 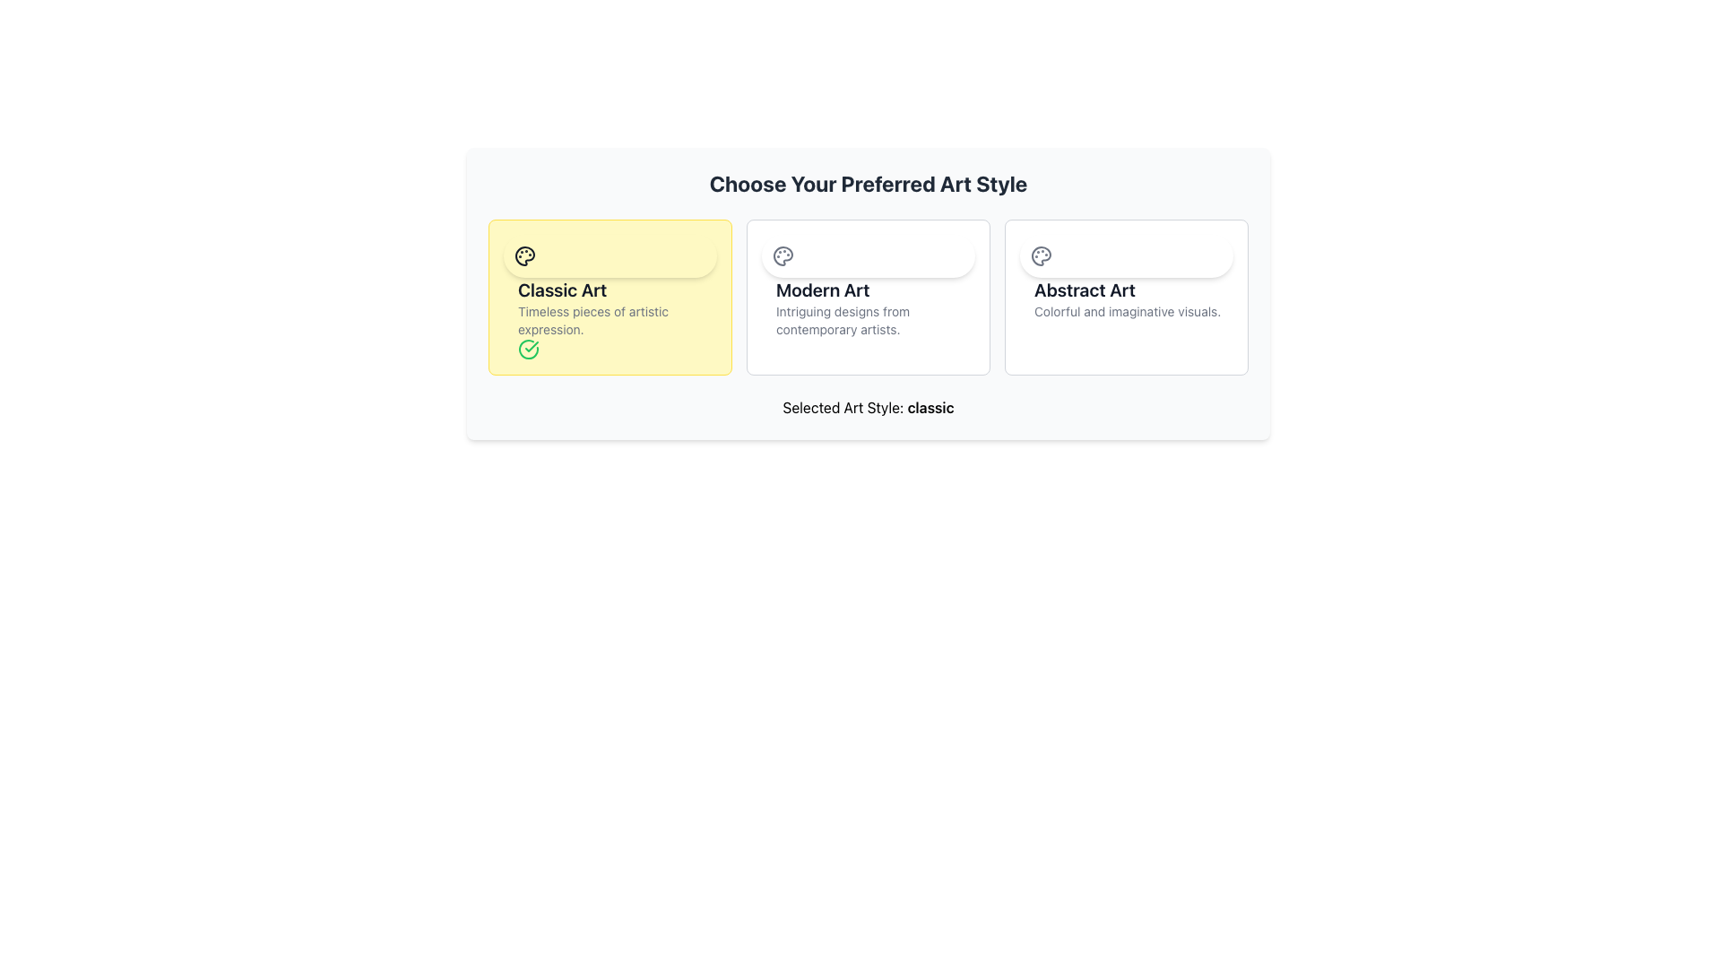 What do you see at coordinates (1041, 255) in the screenshot?
I see `the design of the palette icon representing the 'Abstract Art' option, located at the top-left corner of the card` at bounding box center [1041, 255].